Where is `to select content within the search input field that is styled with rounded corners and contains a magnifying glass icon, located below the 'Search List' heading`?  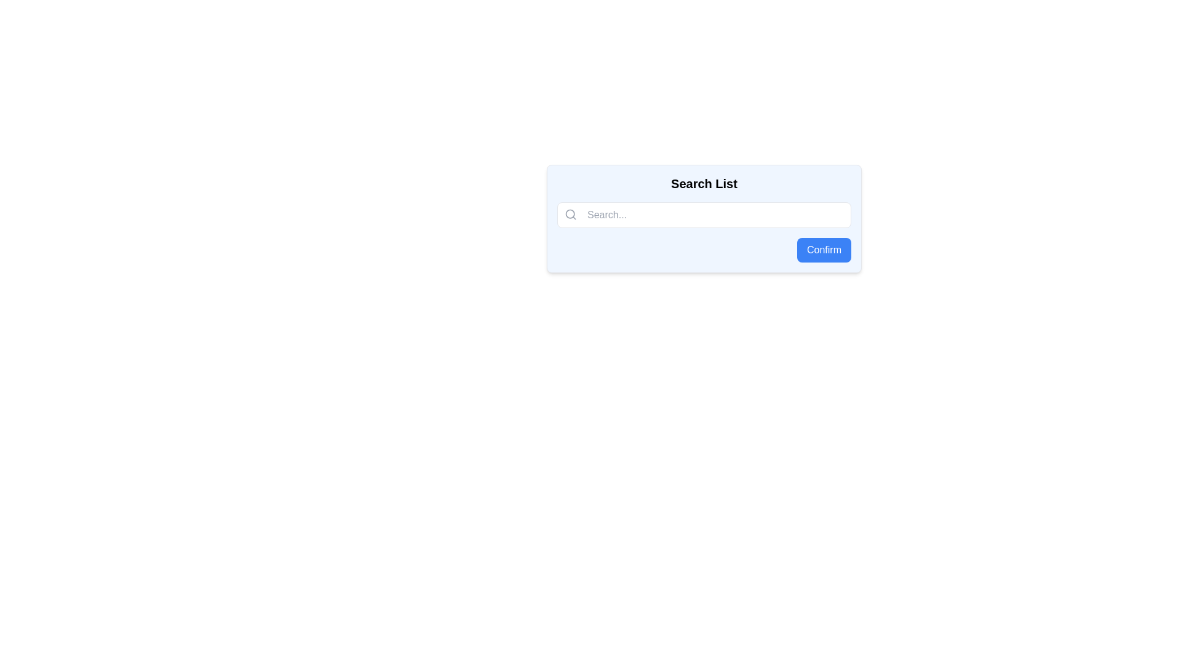
to select content within the search input field that is styled with rounded corners and contains a magnifying glass icon, located below the 'Search List' heading is located at coordinates (704, 215).